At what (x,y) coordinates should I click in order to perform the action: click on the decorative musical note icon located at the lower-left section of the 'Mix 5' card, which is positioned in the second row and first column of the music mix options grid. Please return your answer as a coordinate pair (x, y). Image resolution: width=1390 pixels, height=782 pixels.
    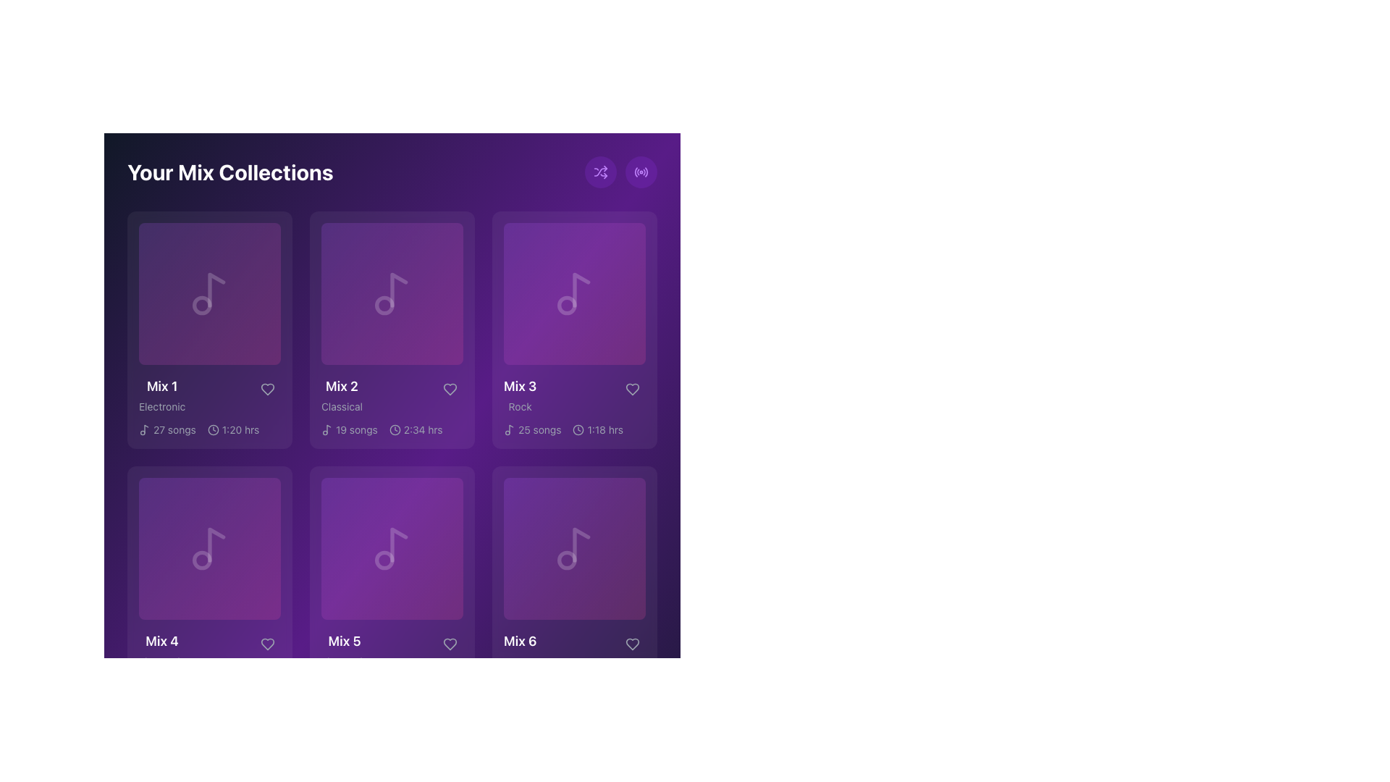
    Looking at the image, I should click on (384, 560).